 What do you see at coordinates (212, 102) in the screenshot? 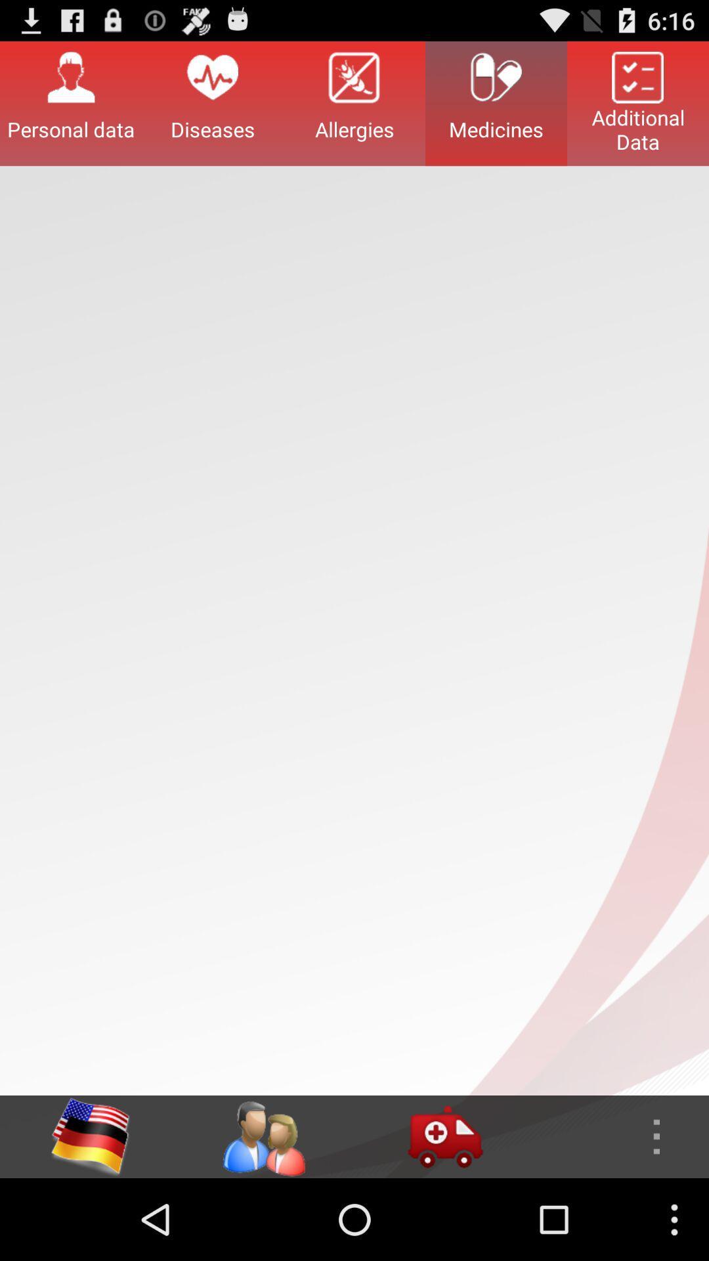
I see `icon to the left of the allergies` at bounding box center [212, 102].